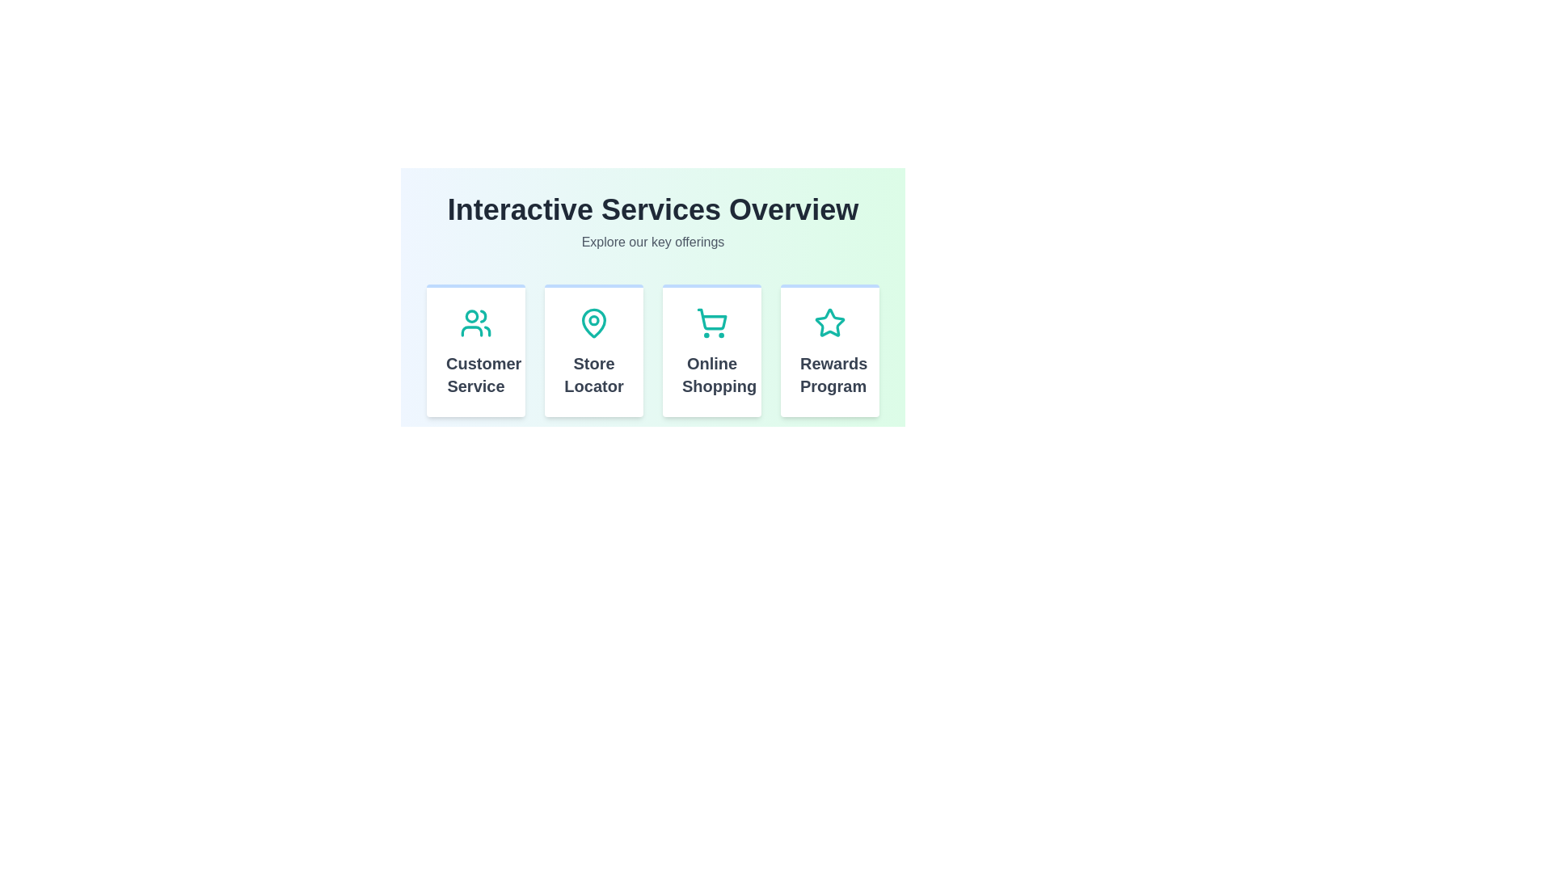  I want to click on the circular icon representing the head of the figure in the group icon at the upper-left region of the user illustration, so click(471, 315).